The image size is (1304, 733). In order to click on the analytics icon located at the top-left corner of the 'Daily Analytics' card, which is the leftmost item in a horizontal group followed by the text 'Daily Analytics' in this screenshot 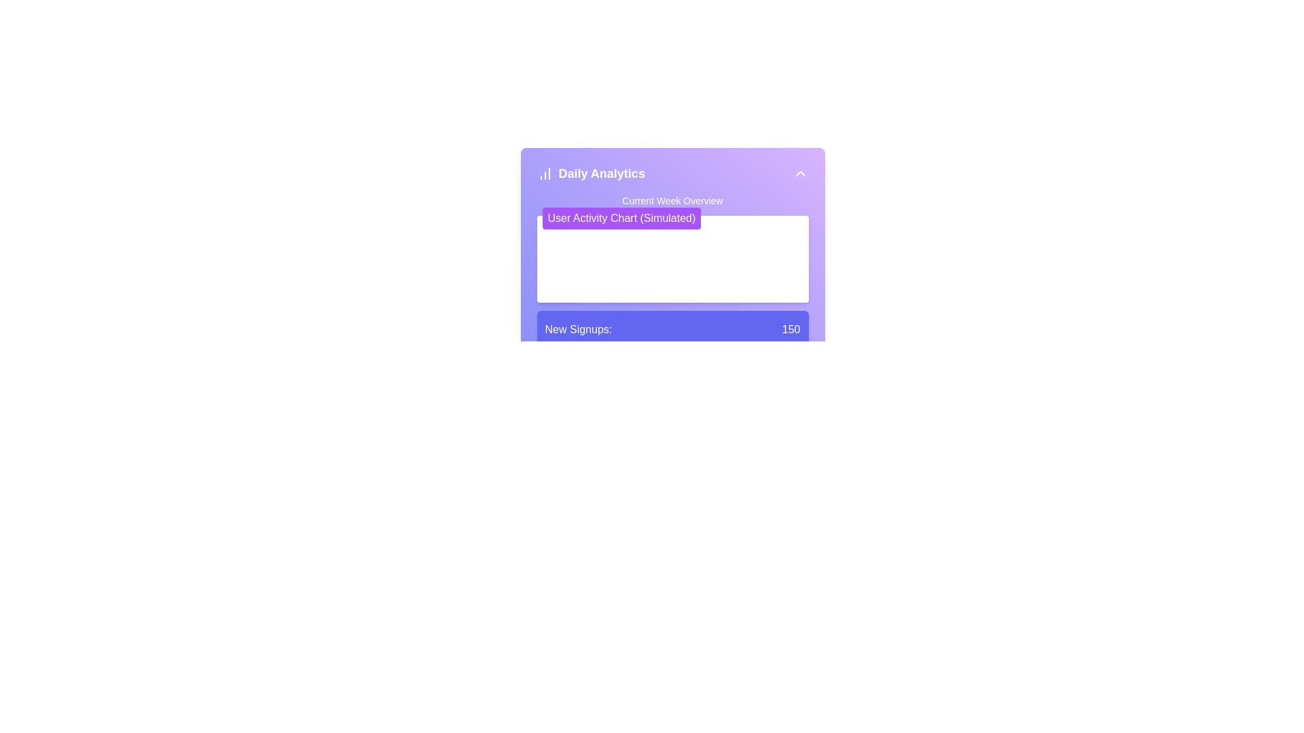, I will do `click(545, 172)`.